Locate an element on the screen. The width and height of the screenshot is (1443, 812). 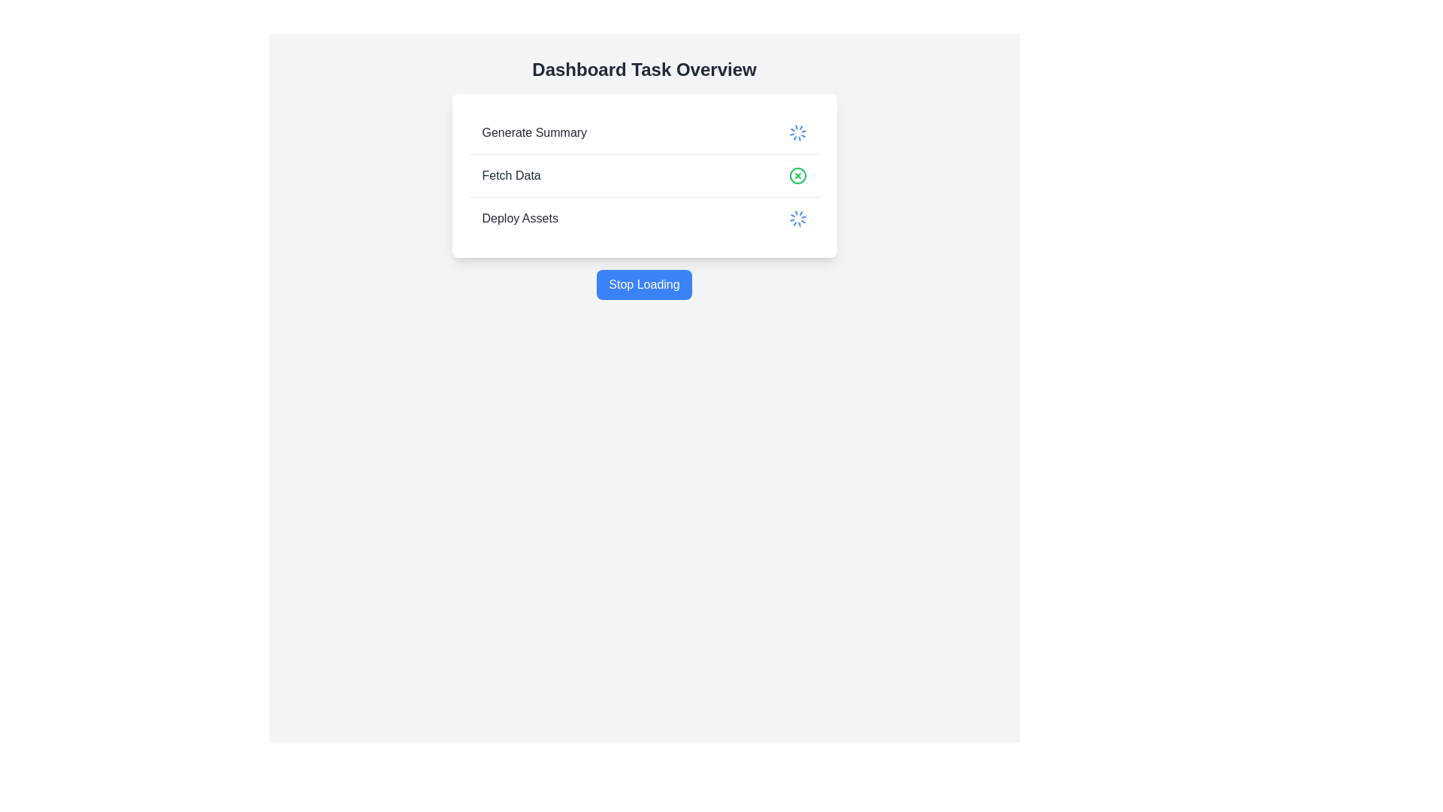
the Status Indicator Icon with a green outline and an 'X' in the center, located in the 'Fetch Data' row is located at coordinates (797, 175).